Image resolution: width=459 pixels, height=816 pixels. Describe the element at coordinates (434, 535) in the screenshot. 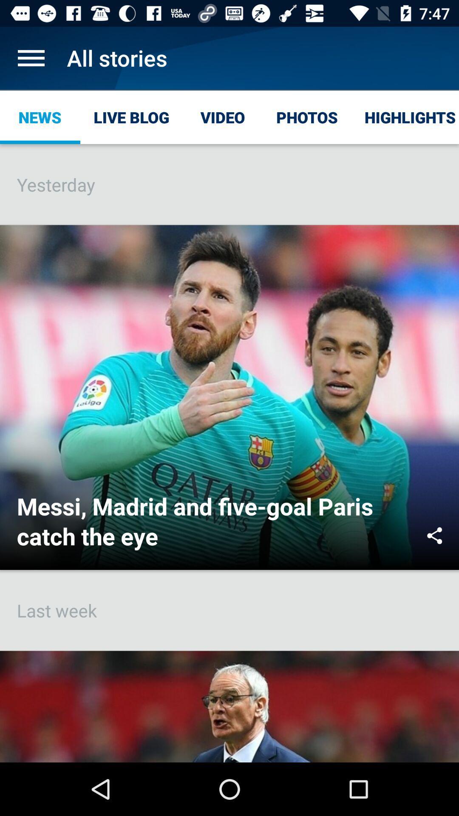

I see `the item next to the messi madrid and item` at that location.